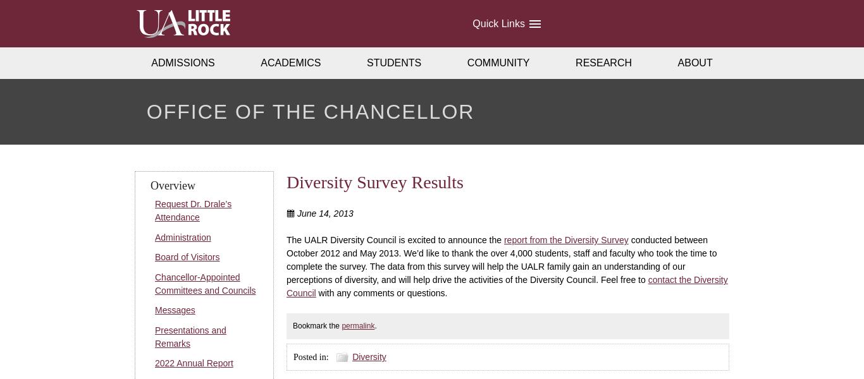 This screenshot has width=864, height=379. What do you see at coordinates (472, 23) in the screenshot?
I see `'Quick Links'` at bounding box center [472, 23].